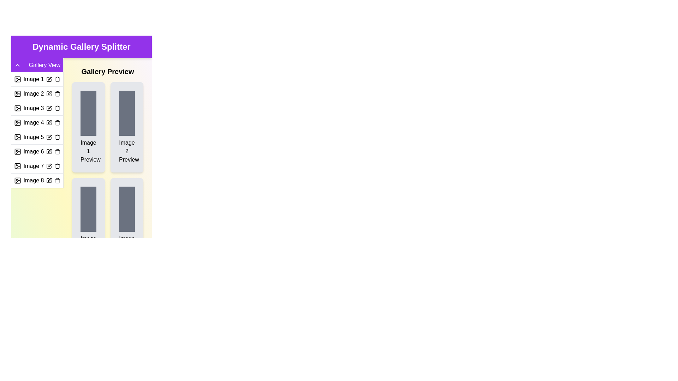  What do you see at coordinates (33, 180) in the screenshot?
I see `the text label representing image resource '8'` at bounding box center [33, 180].